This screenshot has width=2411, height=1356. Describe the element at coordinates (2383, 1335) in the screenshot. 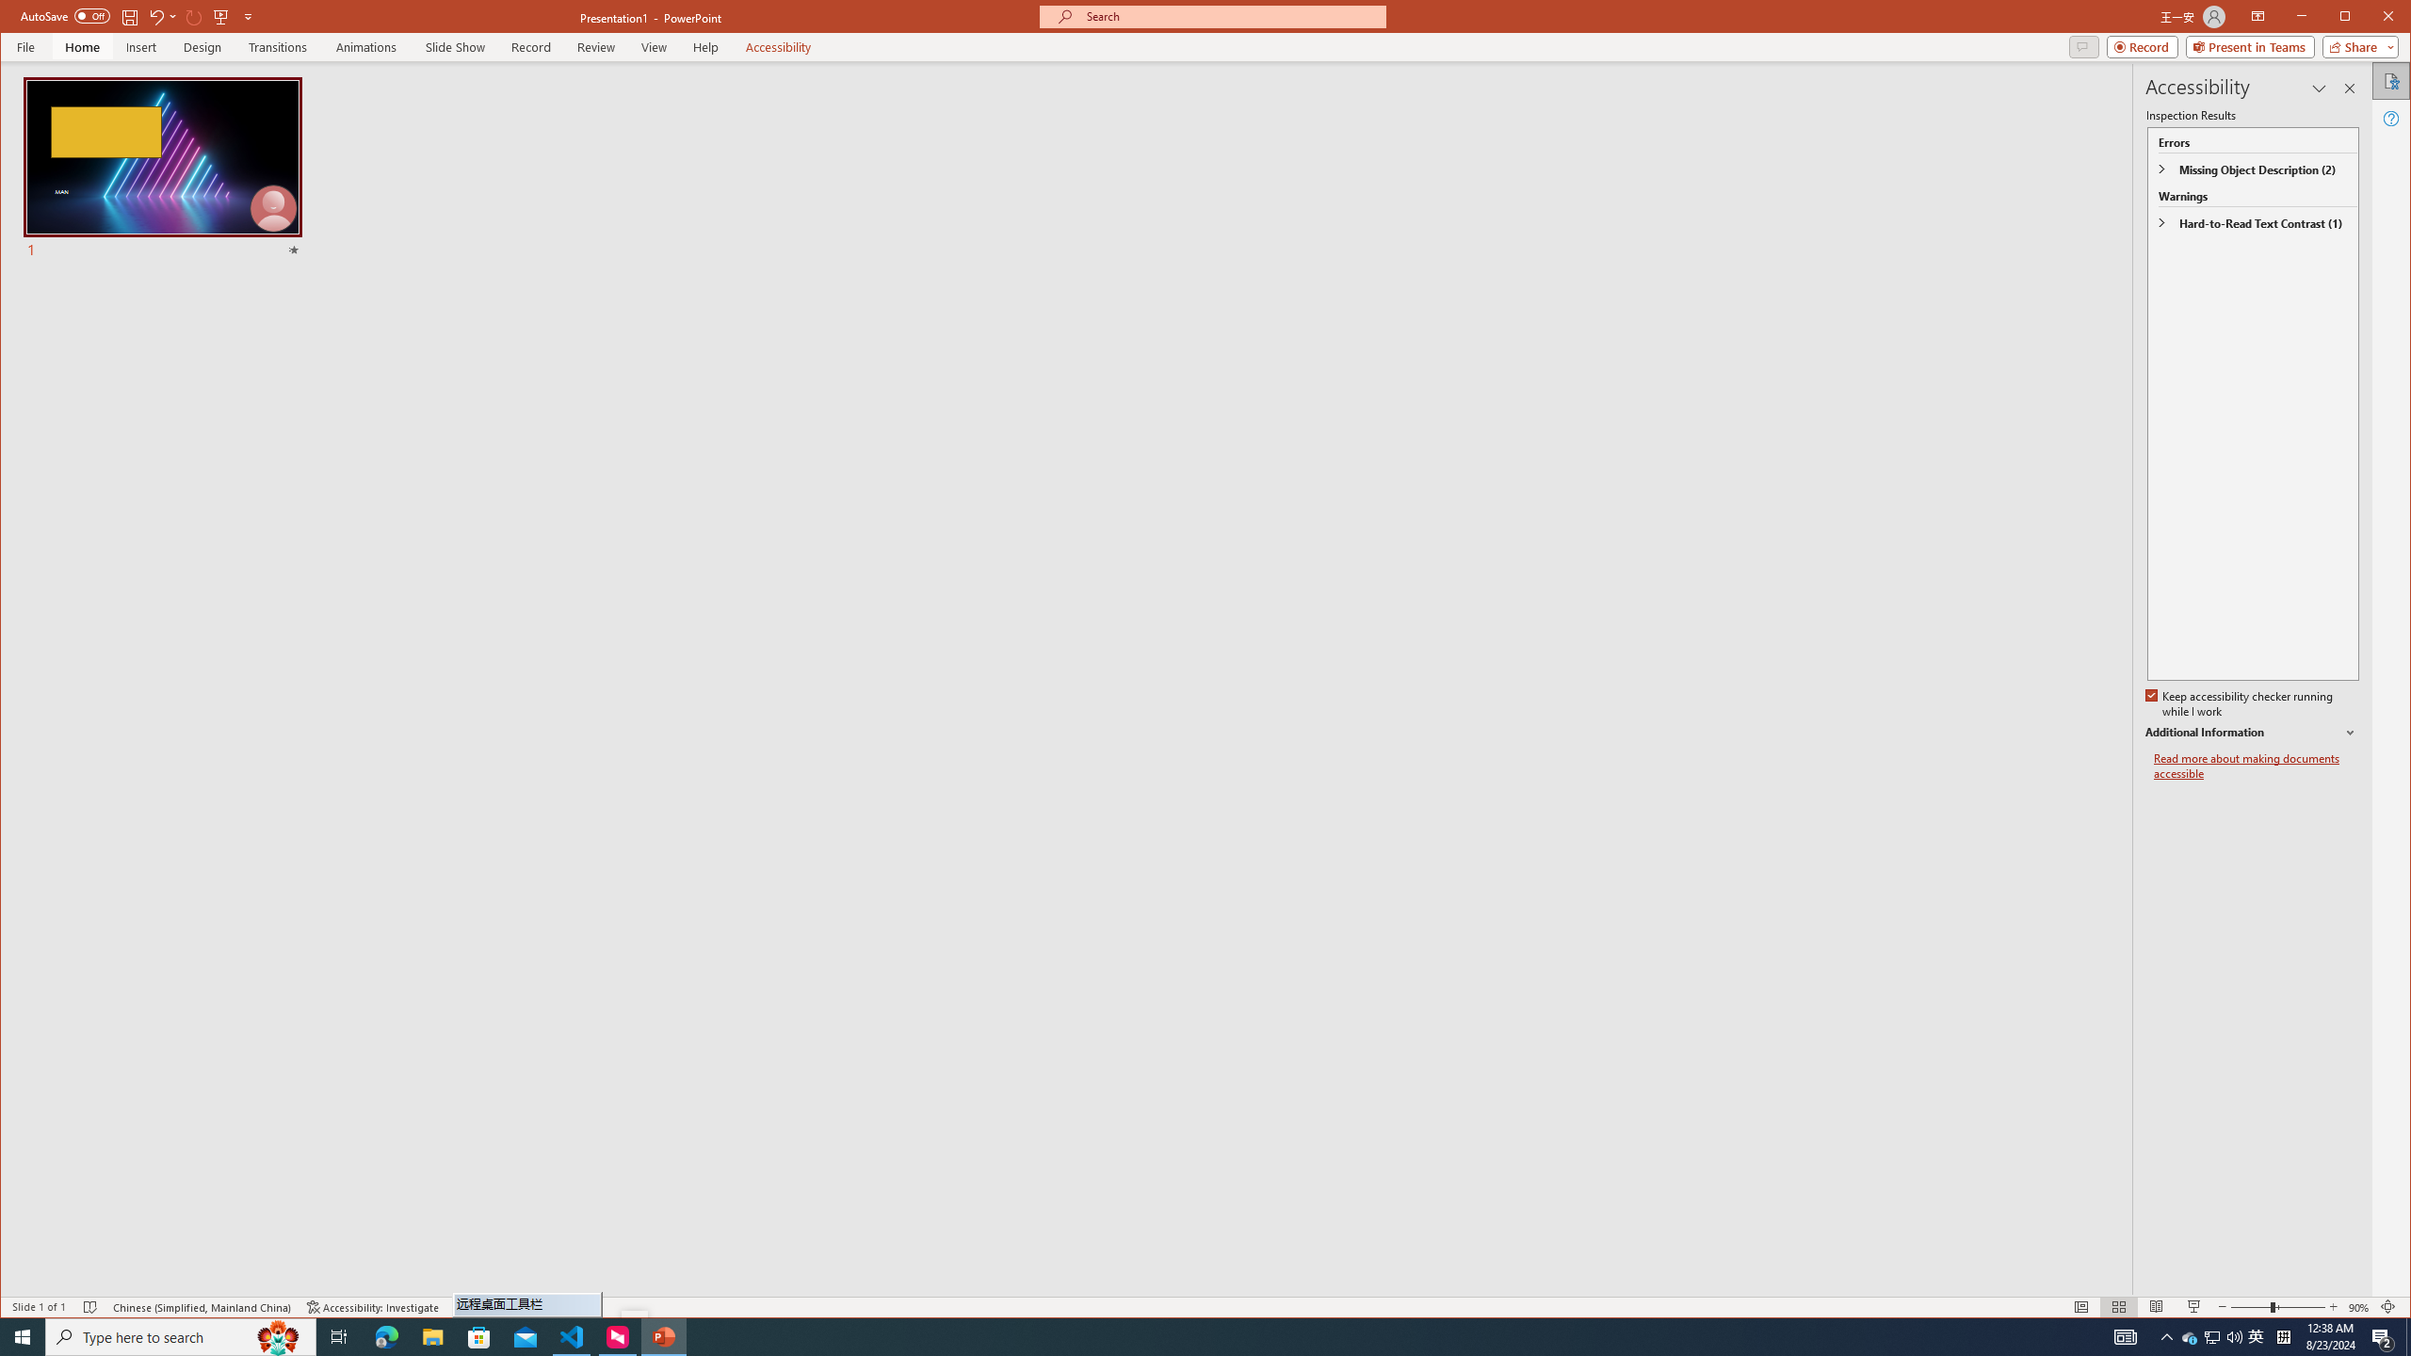

I see `'Action Center, 2 new notifications'` at that location.